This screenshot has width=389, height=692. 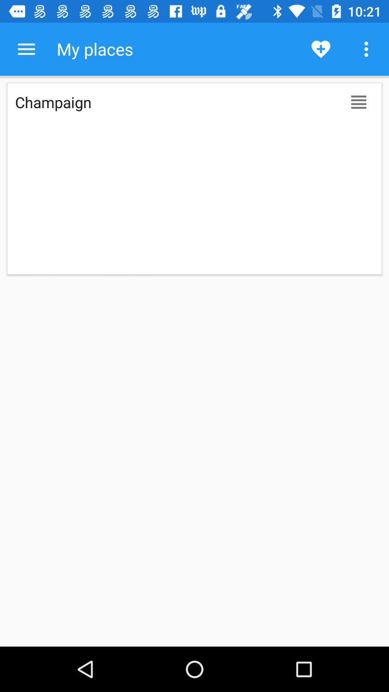 I want to click on help section, so click(x=26, y=49).